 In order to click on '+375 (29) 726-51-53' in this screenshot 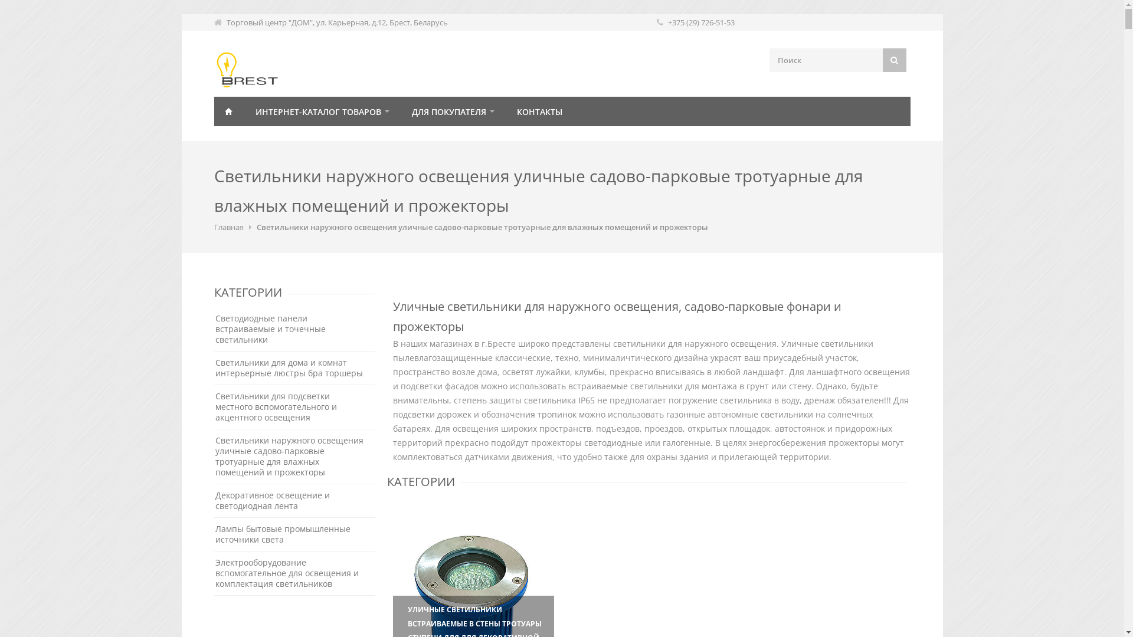, I will do `click(701, 22)`.